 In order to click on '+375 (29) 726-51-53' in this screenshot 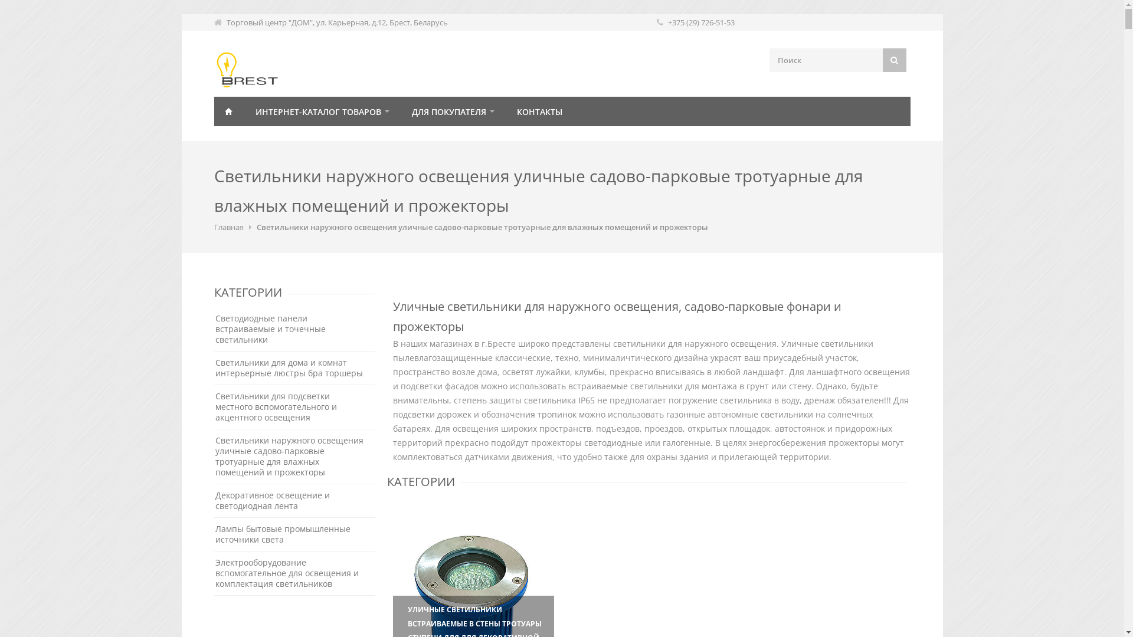, I will do `click(701, 22)`.